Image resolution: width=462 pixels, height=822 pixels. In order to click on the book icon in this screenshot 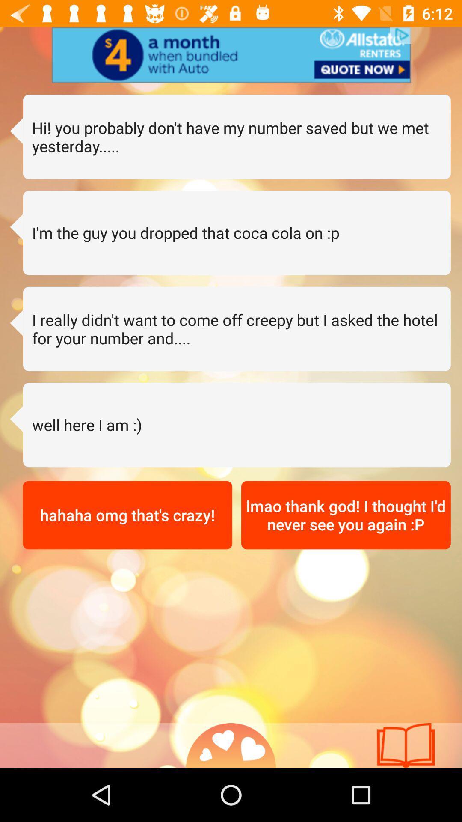, I will do `click(405, 745)`.